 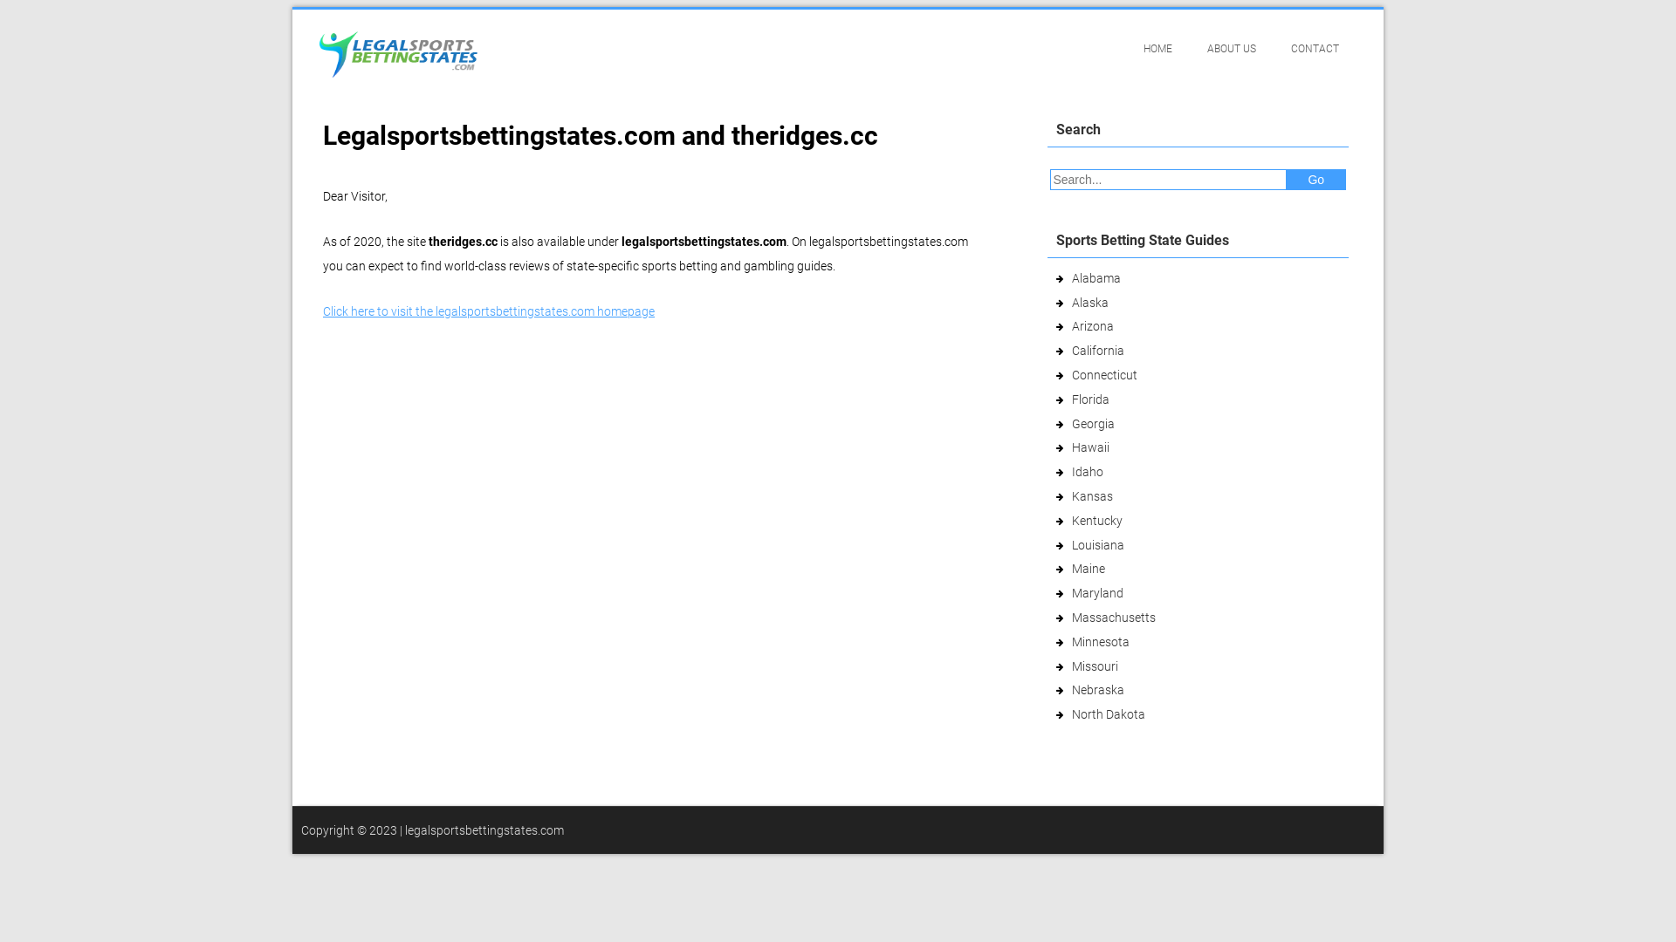 I want to click on 'Hawaii', so click(x=1071, y=447).